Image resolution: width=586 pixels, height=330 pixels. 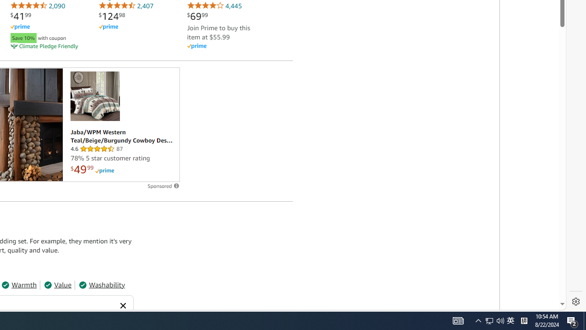 What do you see at coordinates (218, 32) in the screenshot?
I see `'Join Prime to buy this item at $55.99'` at bounding box center [218, 32].